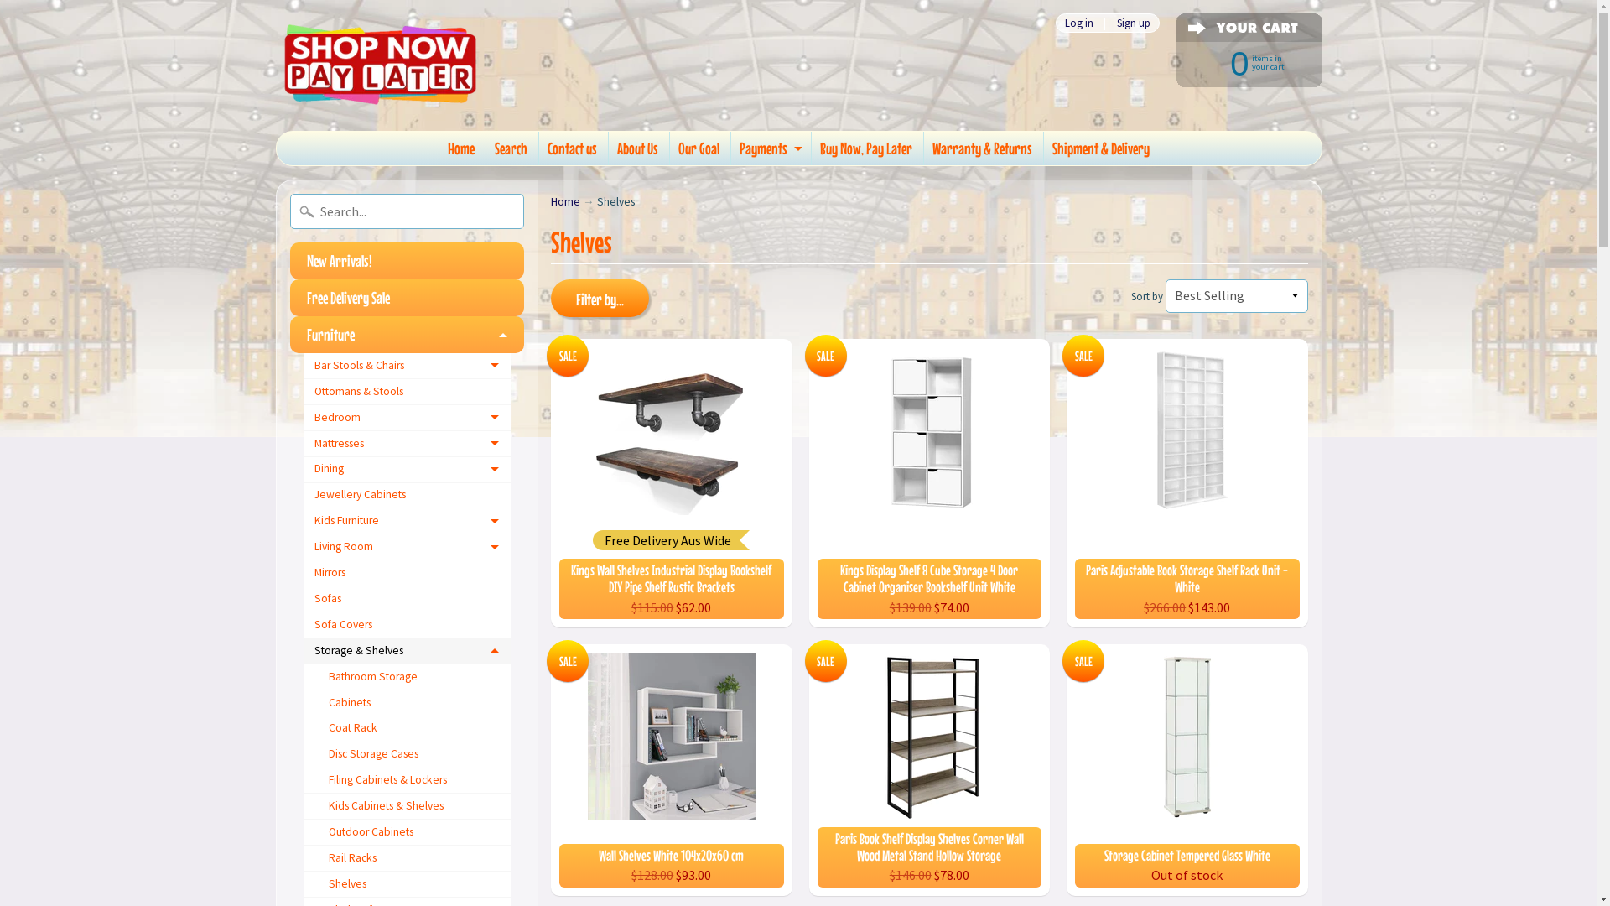 The width and height of the screenshot is (1610, 906). What do you see at coordinates (407, 703) in the screenshot?
I see `'Cabinets'` at bounding box center [407, 703].